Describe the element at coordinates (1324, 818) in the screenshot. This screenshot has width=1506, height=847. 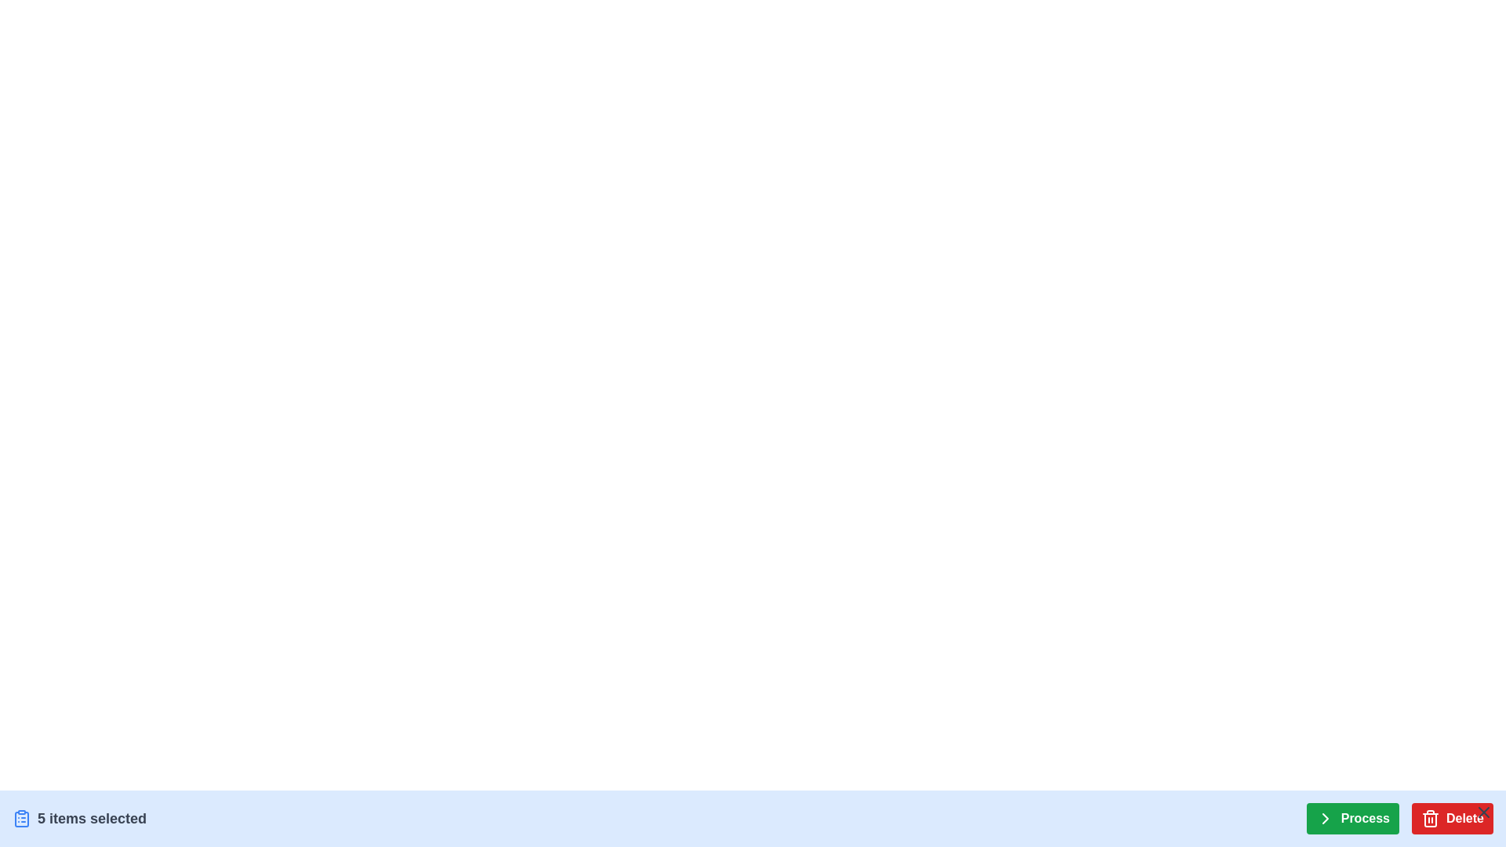
I see `the rightward chevron SVG icon which is positioned to the left of the 'Process' and 'Delete' buttons` at that location.